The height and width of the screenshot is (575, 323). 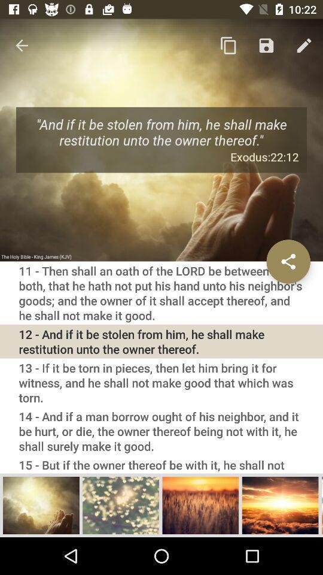 I want to click on picture, so click(x=280, y=504).